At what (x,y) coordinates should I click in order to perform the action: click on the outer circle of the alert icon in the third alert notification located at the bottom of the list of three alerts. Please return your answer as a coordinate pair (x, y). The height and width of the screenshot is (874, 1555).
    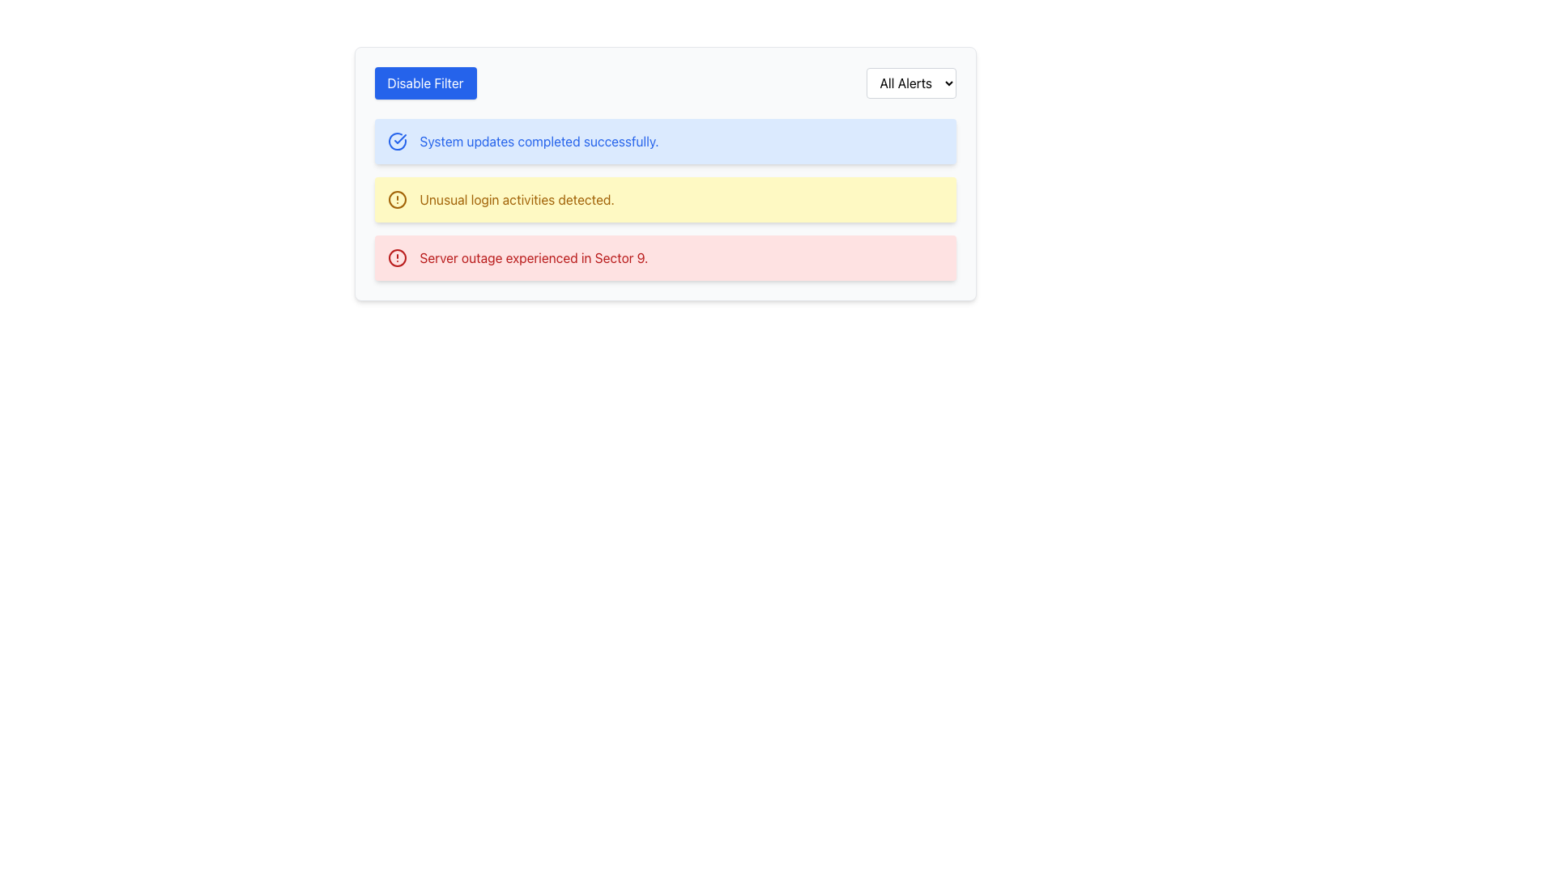
    Looking at the image, I should click on (397, 257).